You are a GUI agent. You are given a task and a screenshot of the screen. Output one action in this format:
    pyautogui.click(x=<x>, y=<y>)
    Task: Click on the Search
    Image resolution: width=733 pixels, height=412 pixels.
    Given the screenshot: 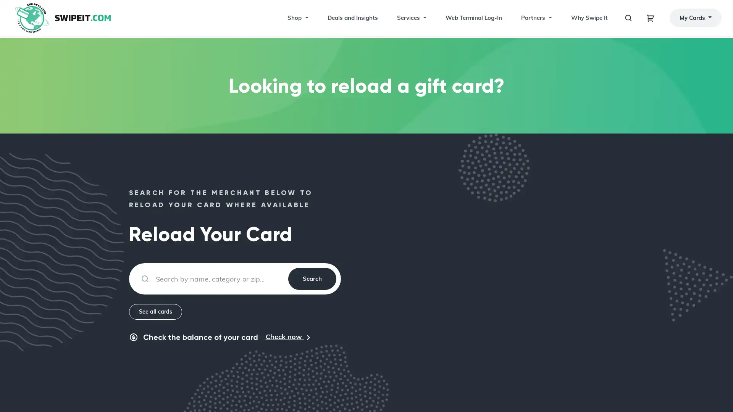 What is the action you would take?
    pyautogui.click(x=312, y=279)
    